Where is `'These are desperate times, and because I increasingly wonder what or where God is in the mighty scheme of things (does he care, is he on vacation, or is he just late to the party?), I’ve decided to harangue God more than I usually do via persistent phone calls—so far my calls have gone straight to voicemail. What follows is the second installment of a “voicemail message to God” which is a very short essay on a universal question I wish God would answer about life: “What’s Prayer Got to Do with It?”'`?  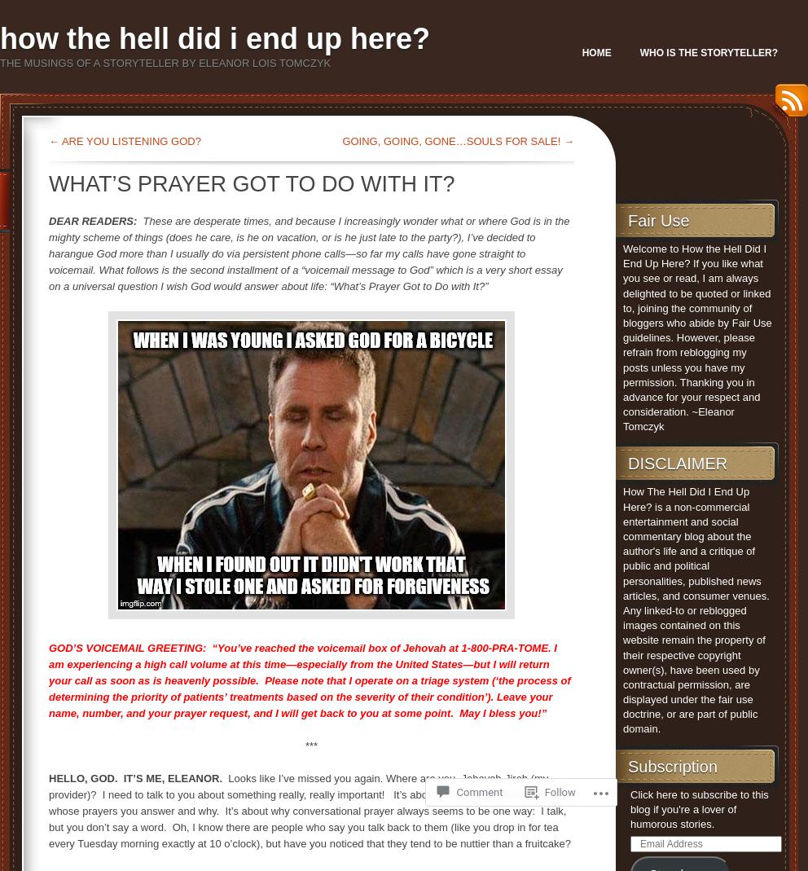 'These are desperate times, and because I increasingly wonder what or where God is in the mighty scheme of things (does he care, is he on vacation, or is he just late to the party?), I’ve decided to harangue God more than I usually do via persistent phone calls—so far my calls have gone straight to voicemail. What follows is the second installment of a “voicemail message to God” which is a very short essay on a universal question I wish God would answer about life: “What’s Prayer Got to Do with It?”' is located at coordinates (309, 253).